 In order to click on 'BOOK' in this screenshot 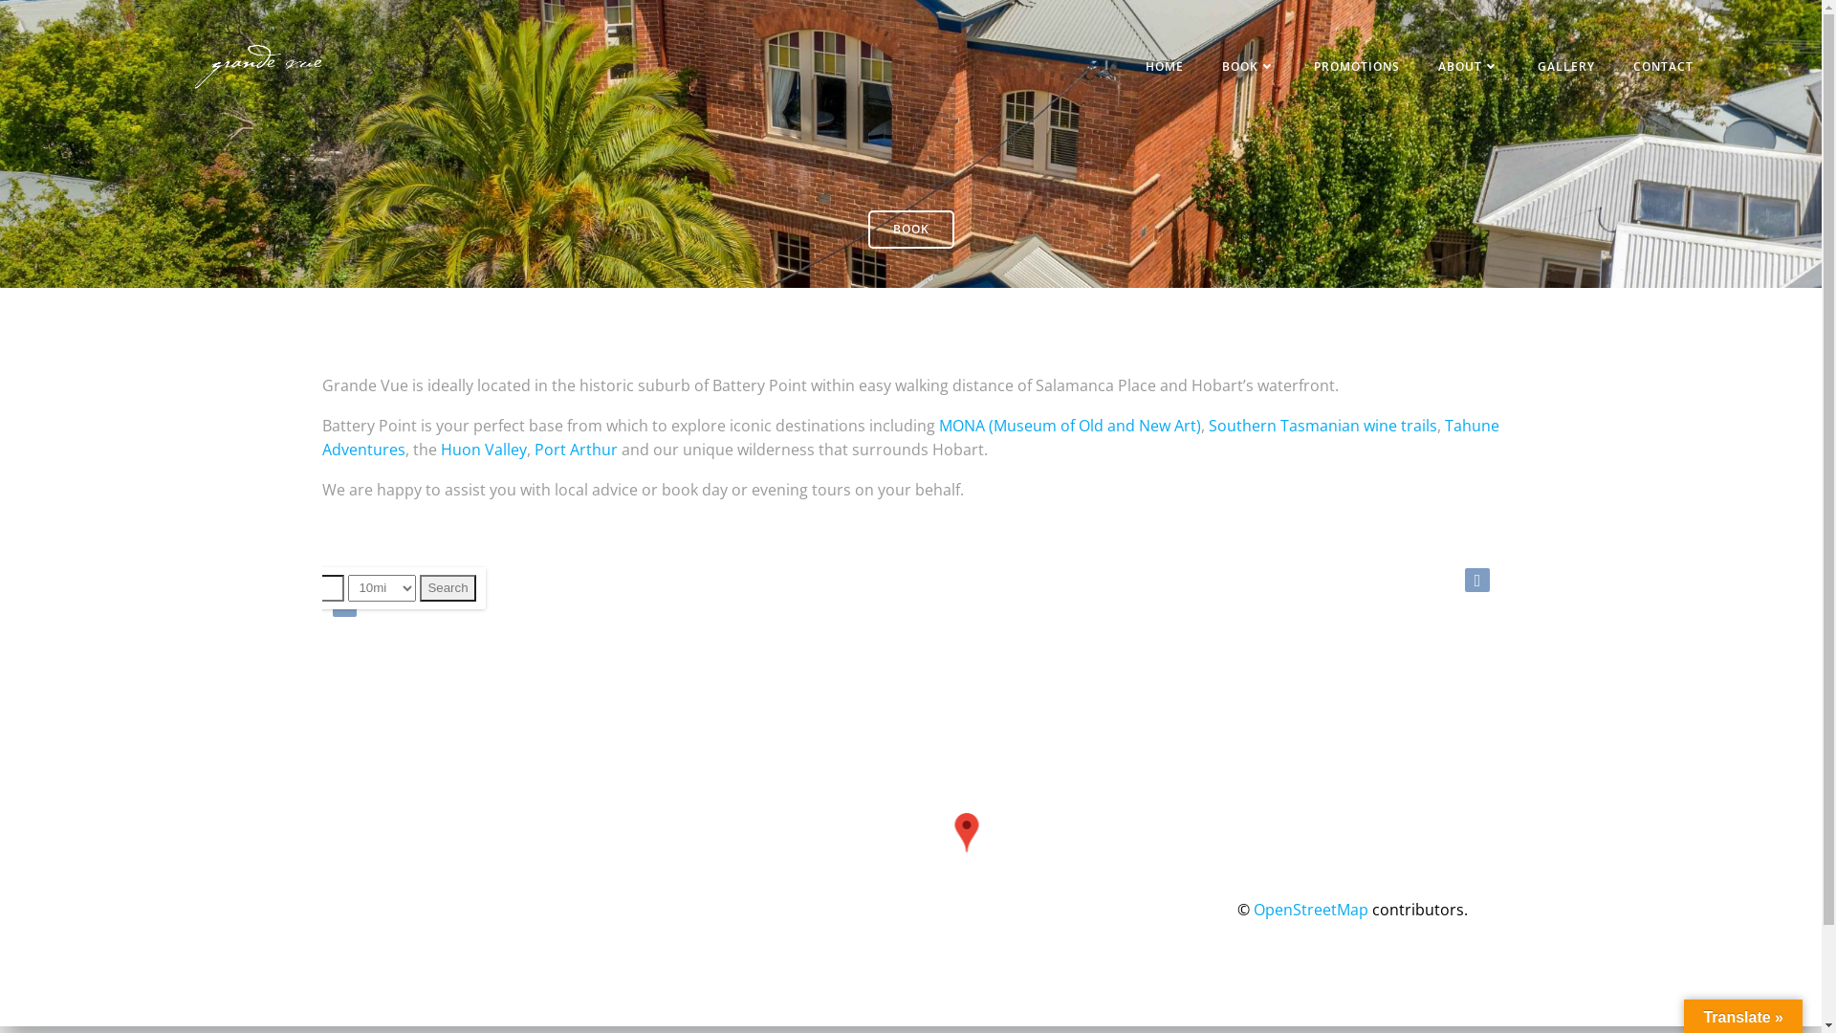, I will do `click(910, 228)`.